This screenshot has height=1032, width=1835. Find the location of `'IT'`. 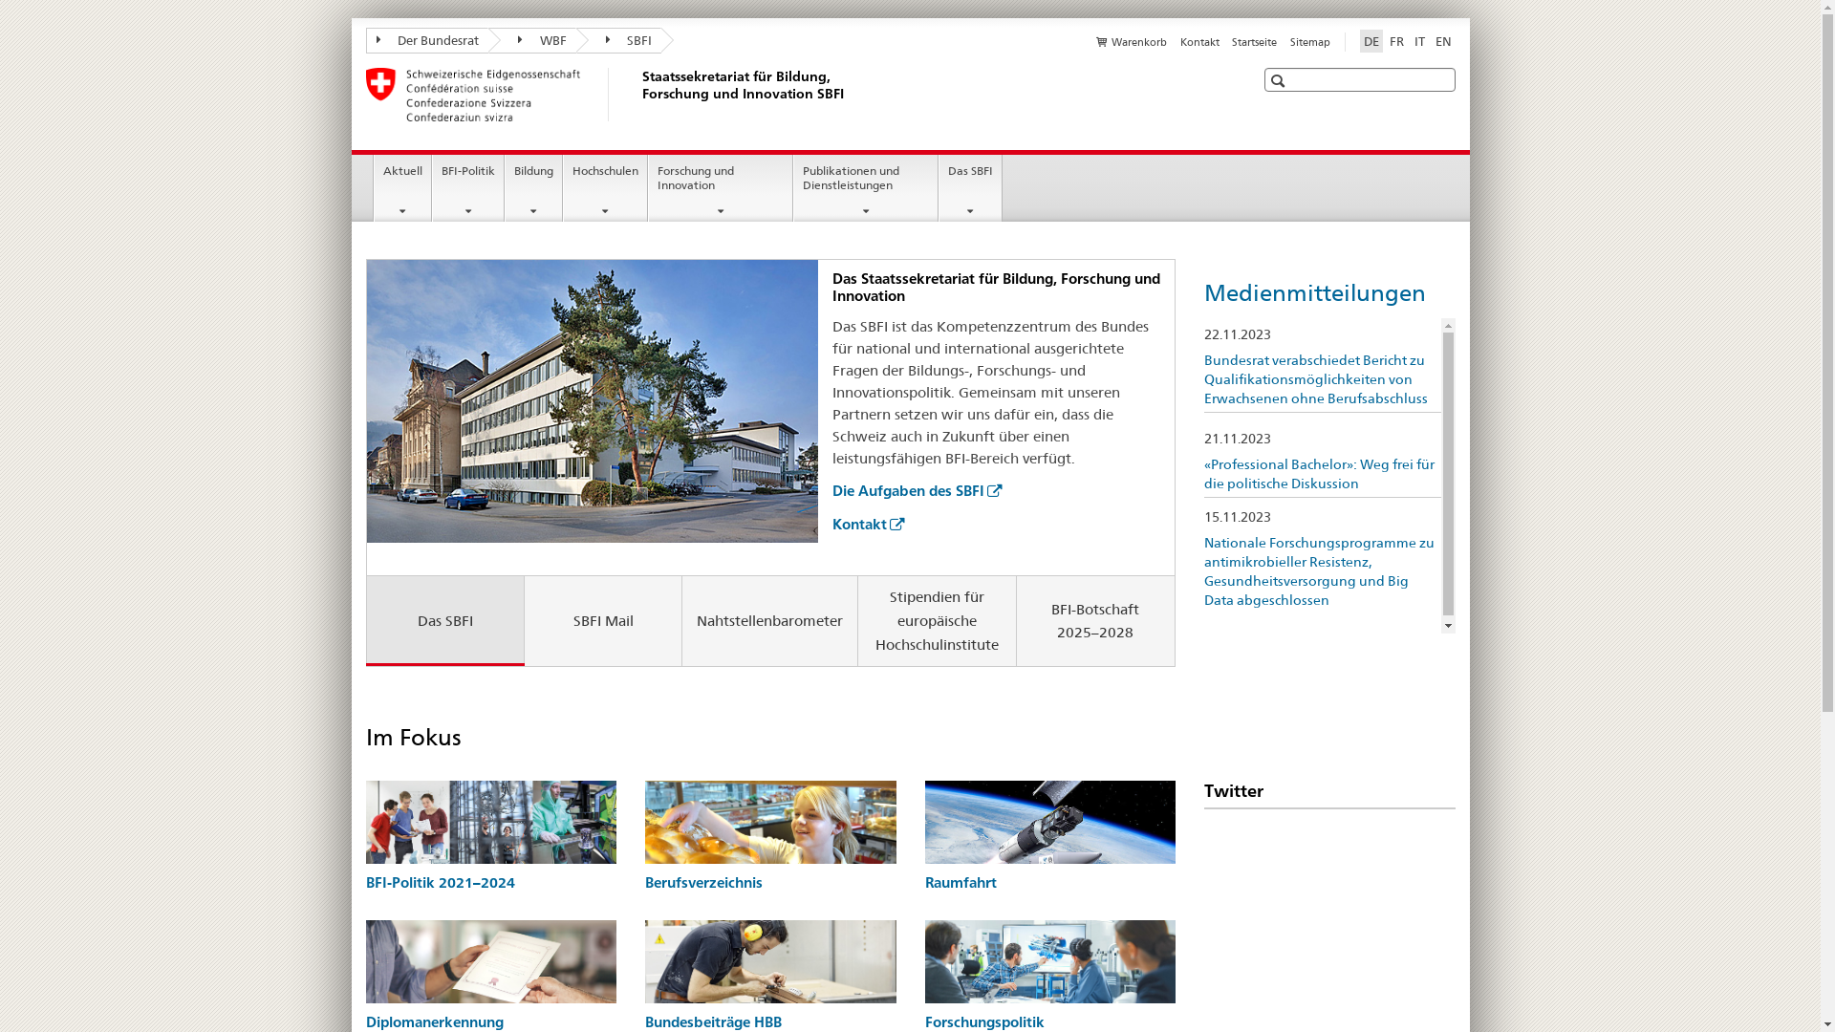

'IT' is located at coordinates (1419, 40).